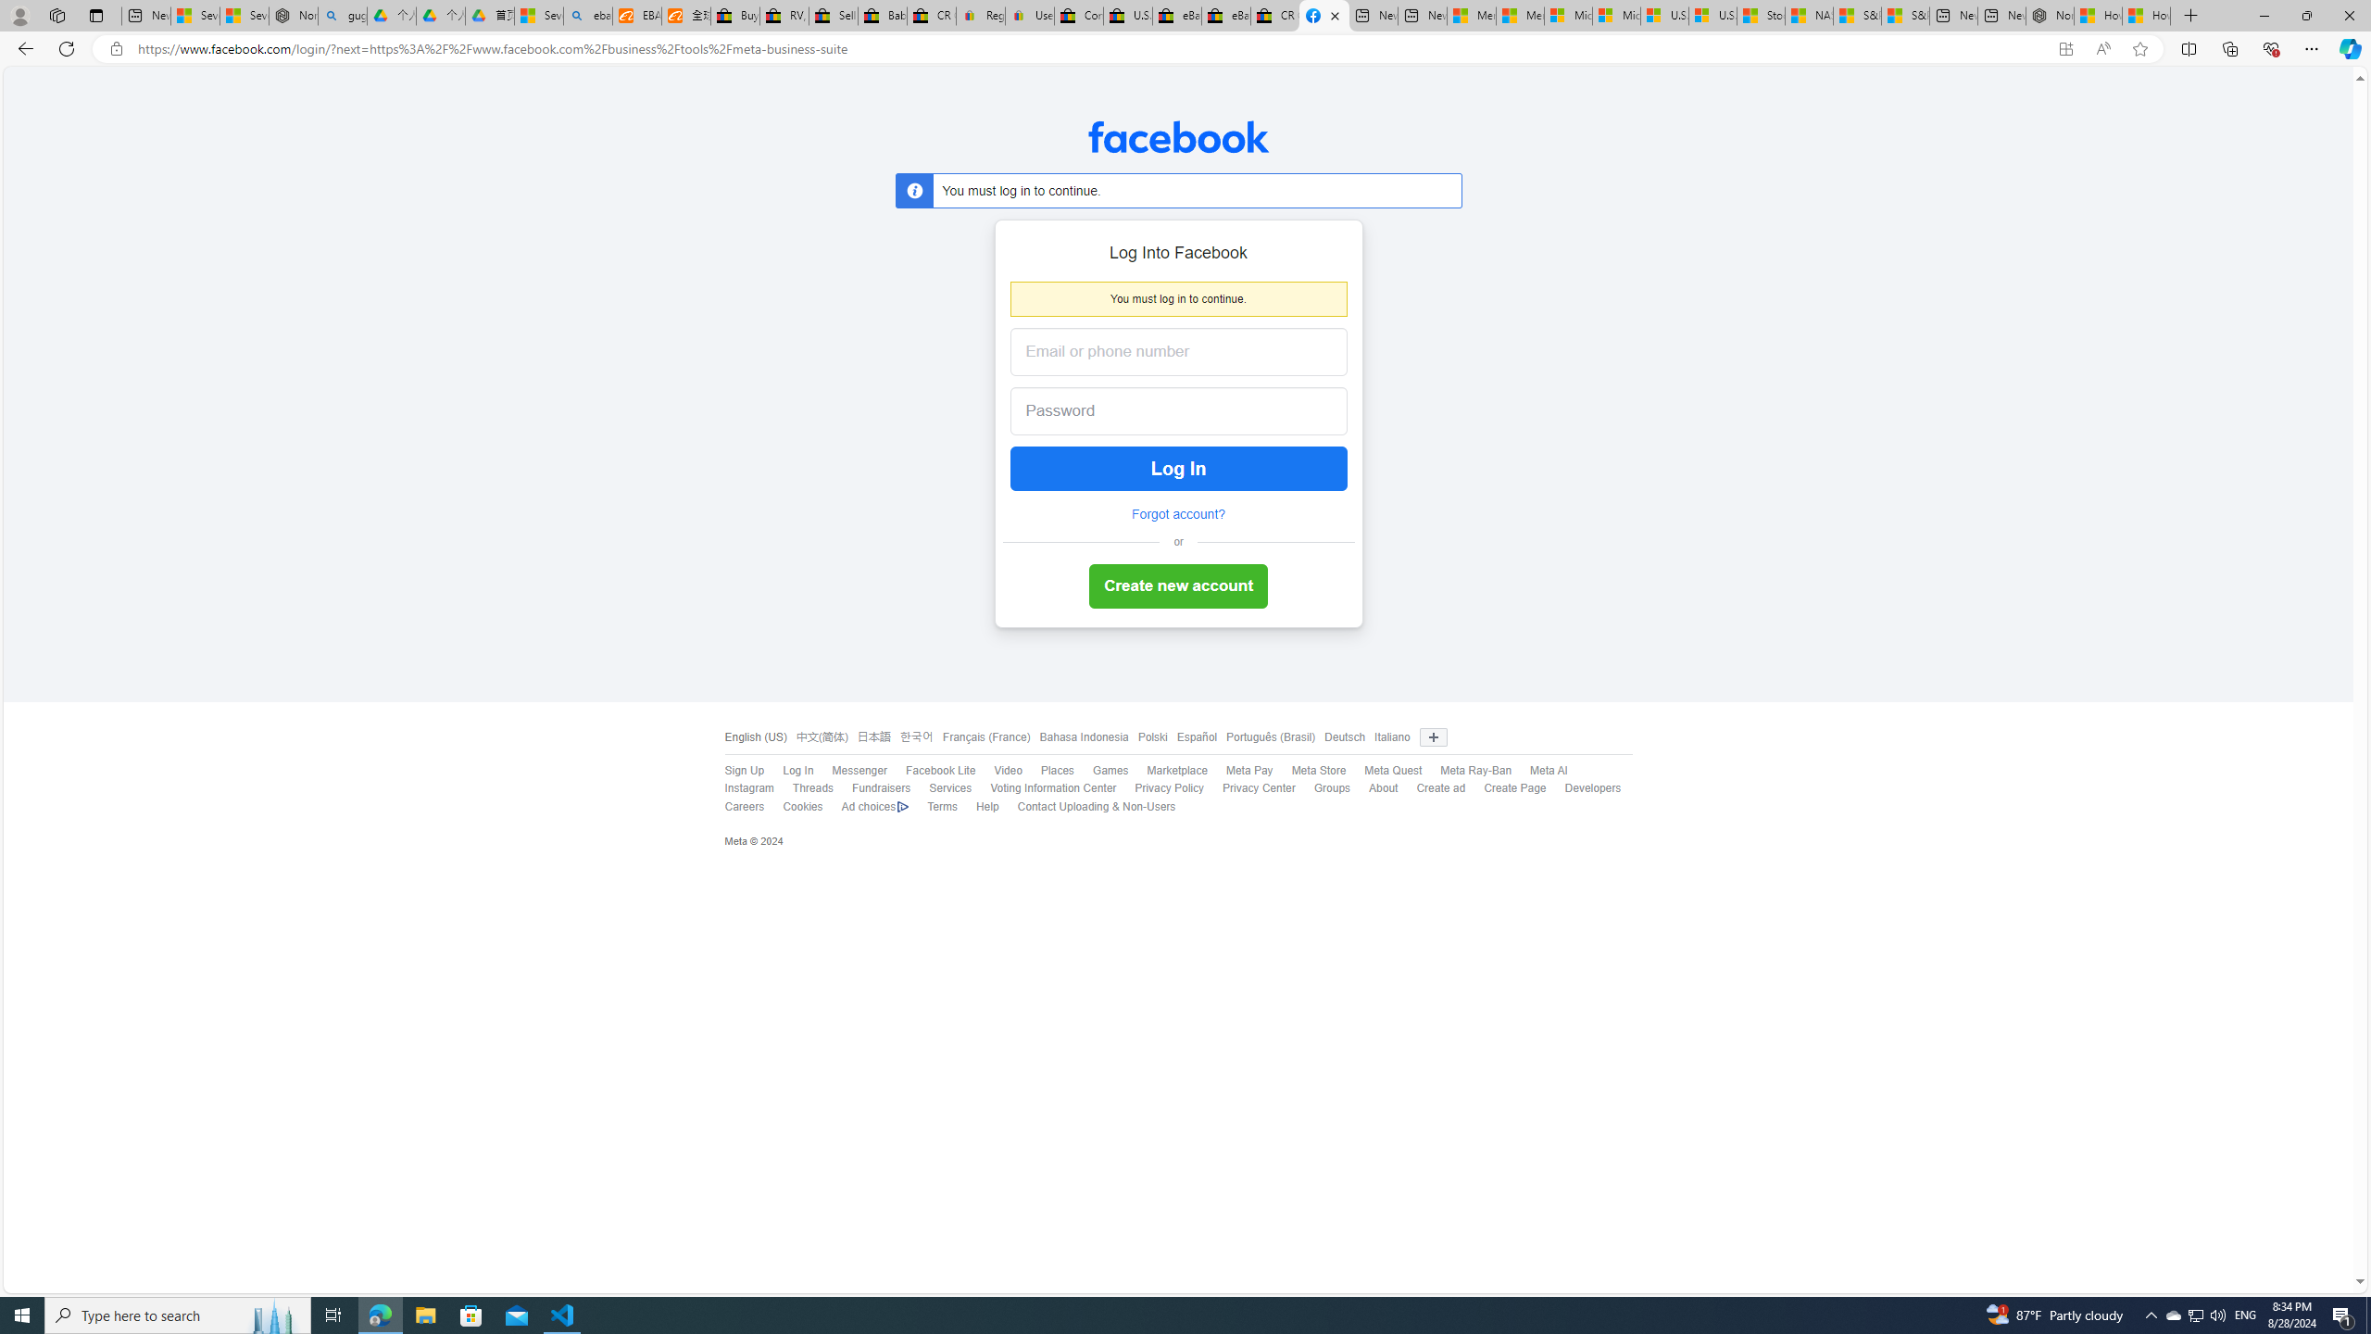 This screenshot has height=1334, width=2371. I want to click on 'Consumer Health Data Privacy Policy - eBay Inc.', so click(1077, 15).